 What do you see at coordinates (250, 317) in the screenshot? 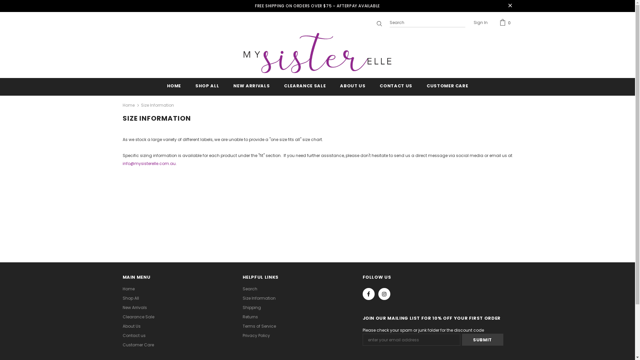
I see `'Returns'` at bounding box center [250, 317].